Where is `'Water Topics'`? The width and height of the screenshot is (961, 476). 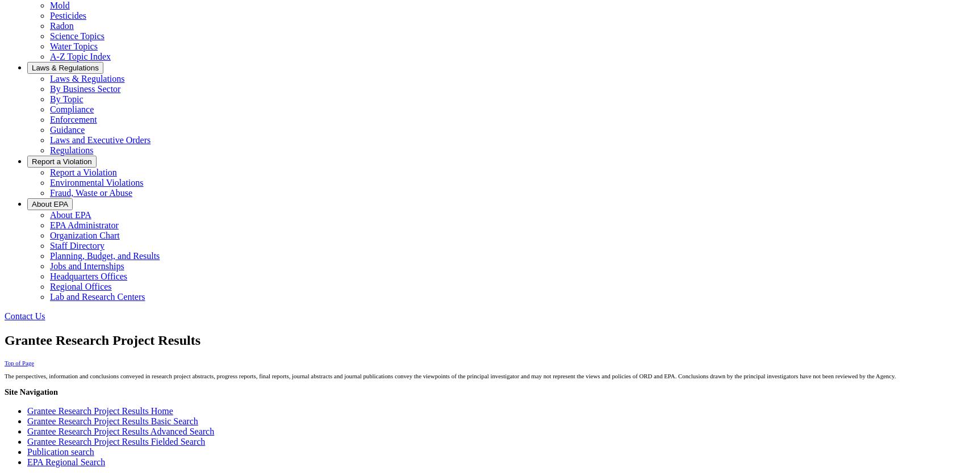 'Water Topics' is located at coordinates (73, 46).